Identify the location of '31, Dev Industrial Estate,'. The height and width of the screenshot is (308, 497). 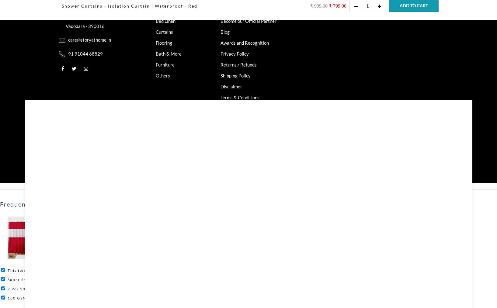
(94, 9).